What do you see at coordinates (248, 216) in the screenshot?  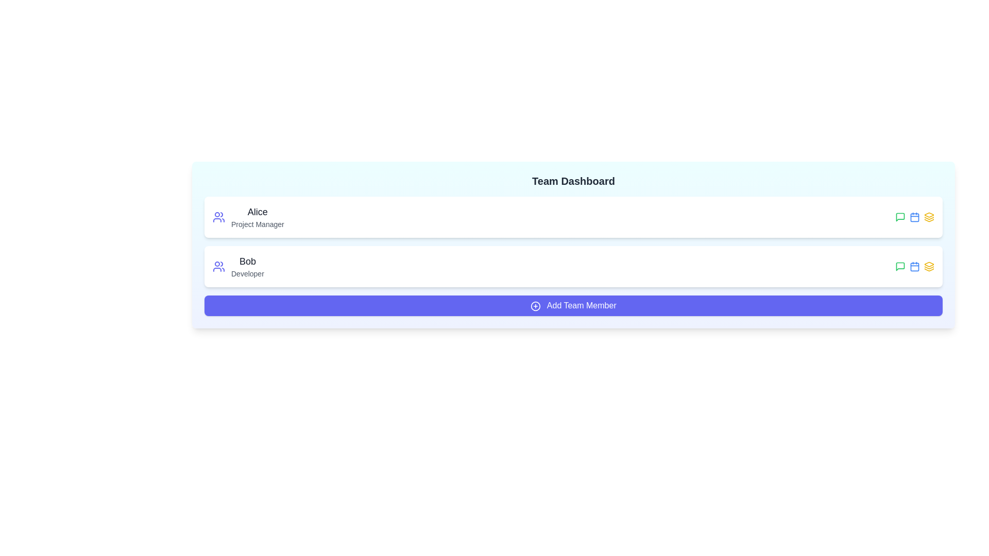 I see `the Profile card for 'Alice', which features a bold name and a gray title` at bounding box center [248, 216].